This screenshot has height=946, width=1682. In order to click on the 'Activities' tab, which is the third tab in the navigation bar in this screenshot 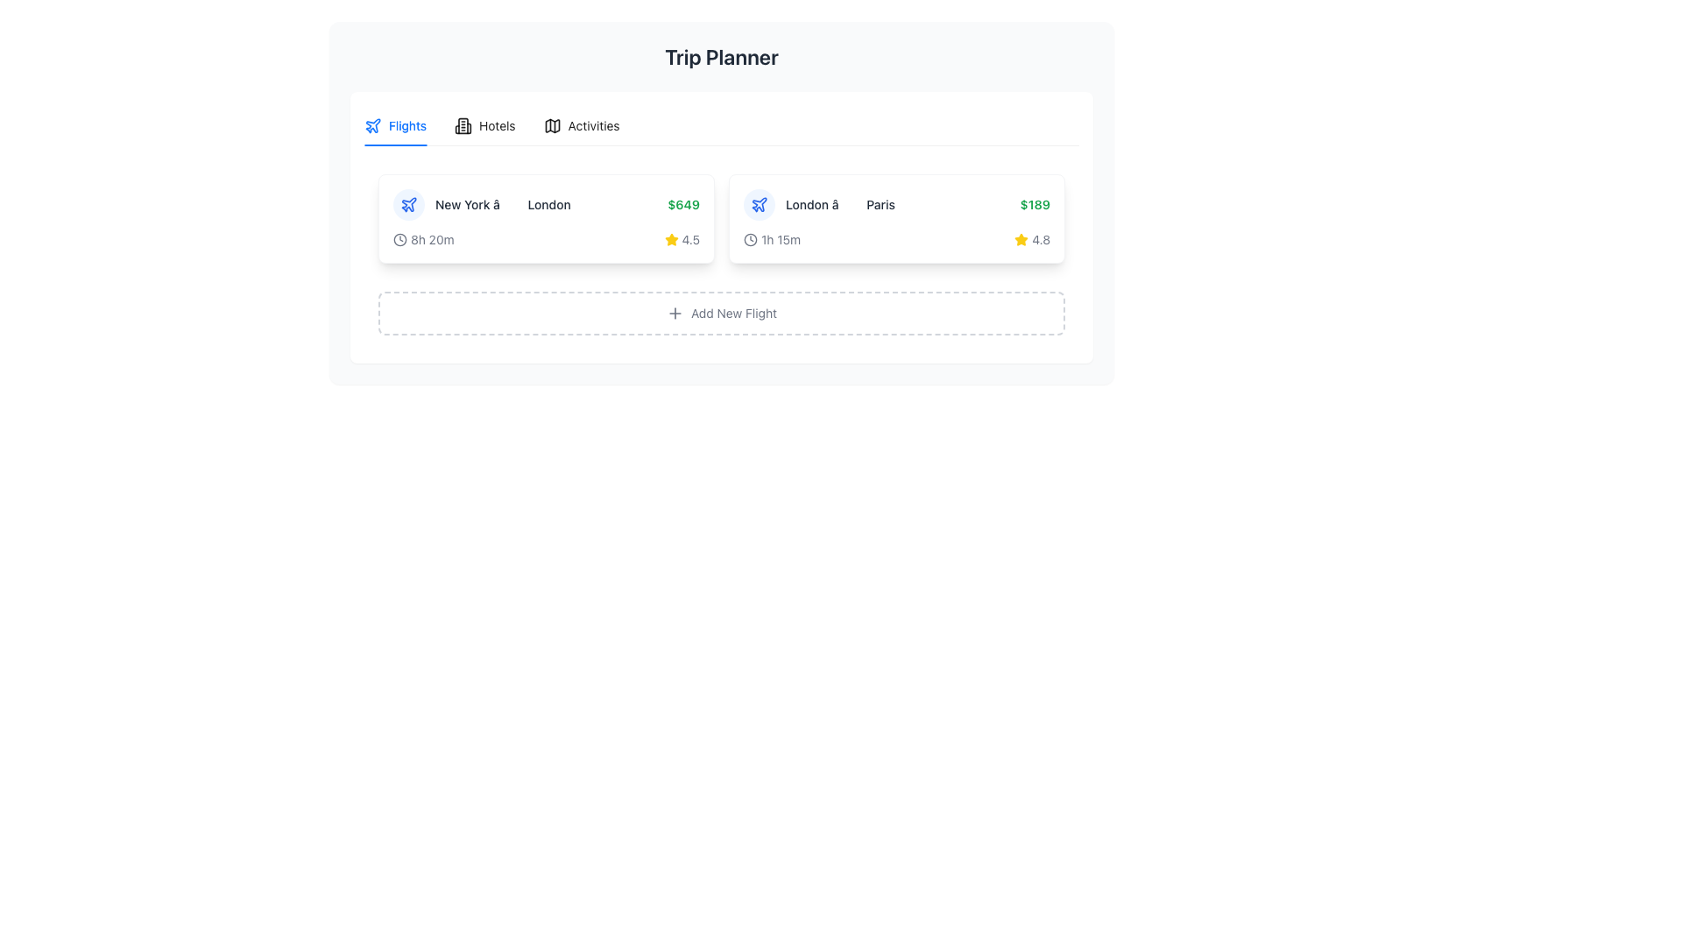, I will do `click(581, 124)`.